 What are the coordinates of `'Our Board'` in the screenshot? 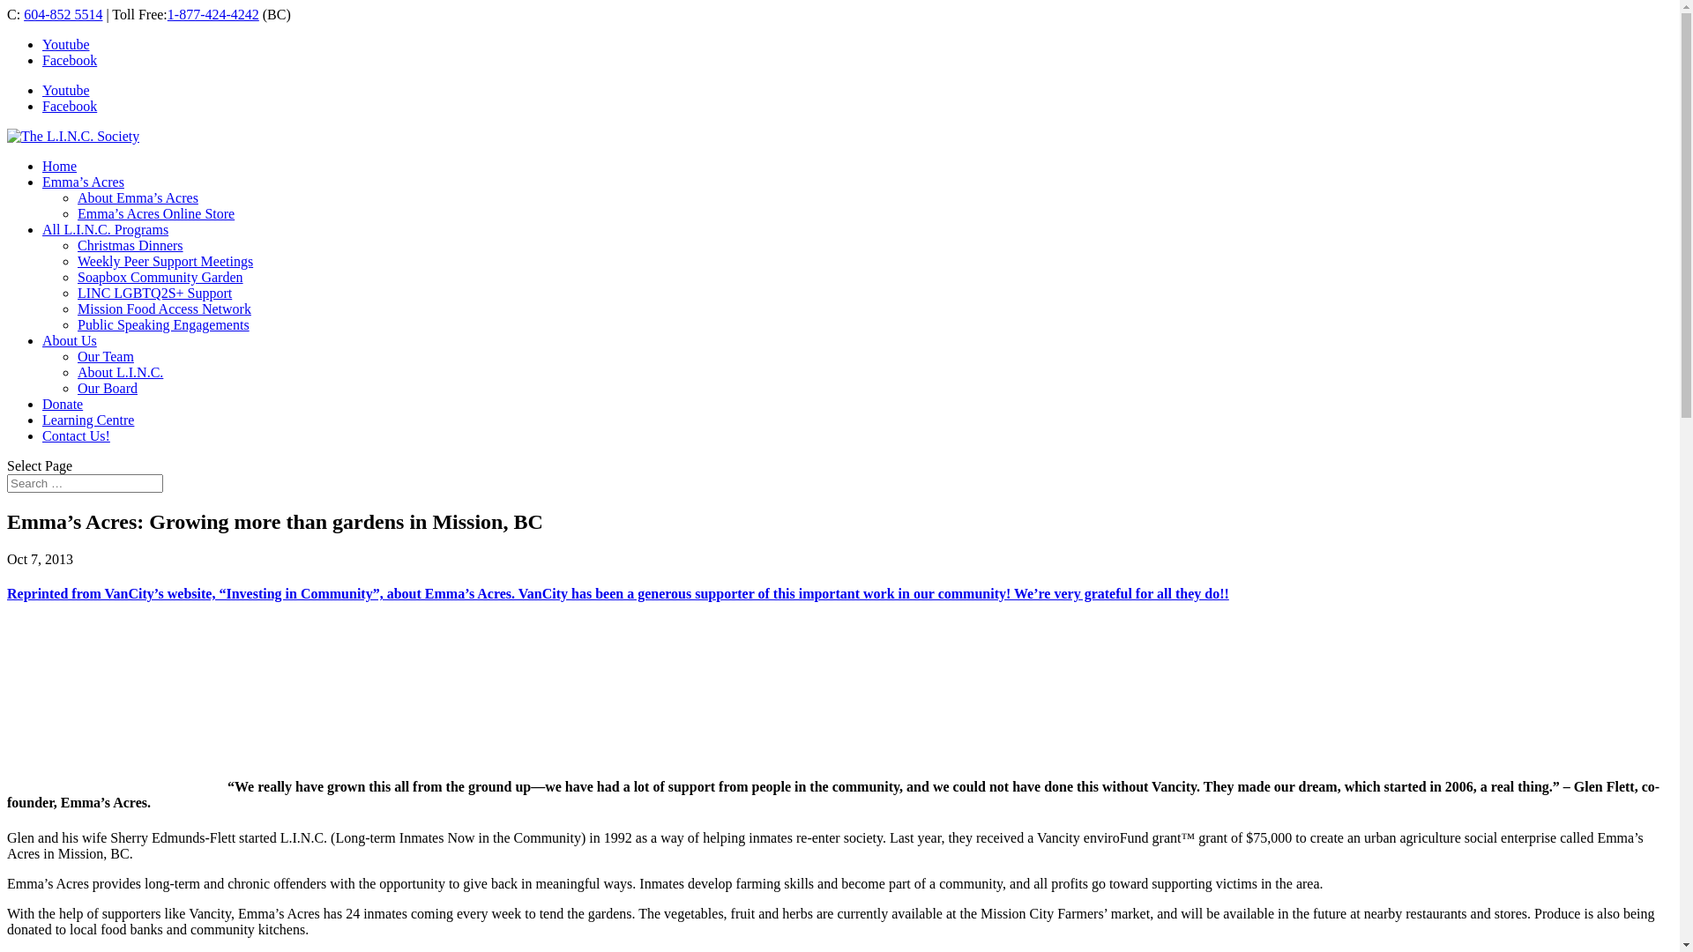 It's located at (76, 387).